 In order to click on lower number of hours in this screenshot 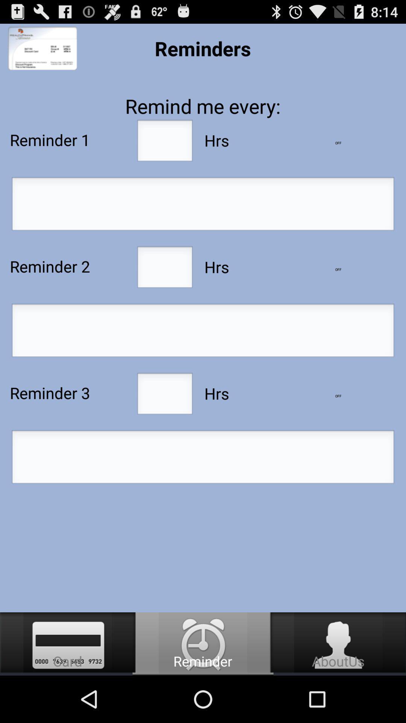, I will do `click(338, 395)`.